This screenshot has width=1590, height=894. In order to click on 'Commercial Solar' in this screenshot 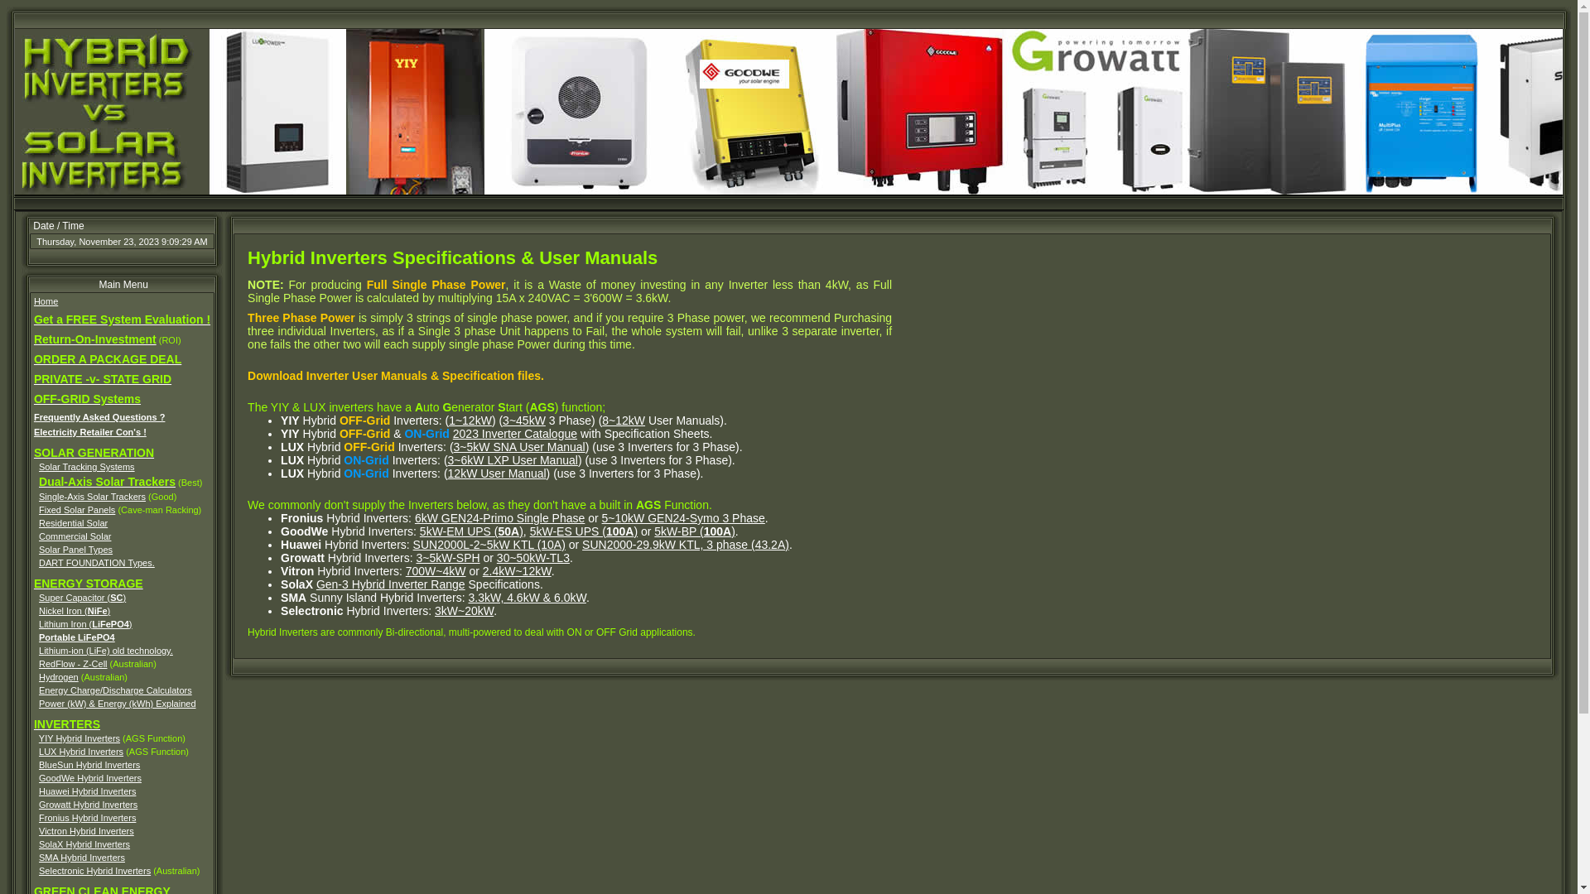, I will do `click(74, 536)`.